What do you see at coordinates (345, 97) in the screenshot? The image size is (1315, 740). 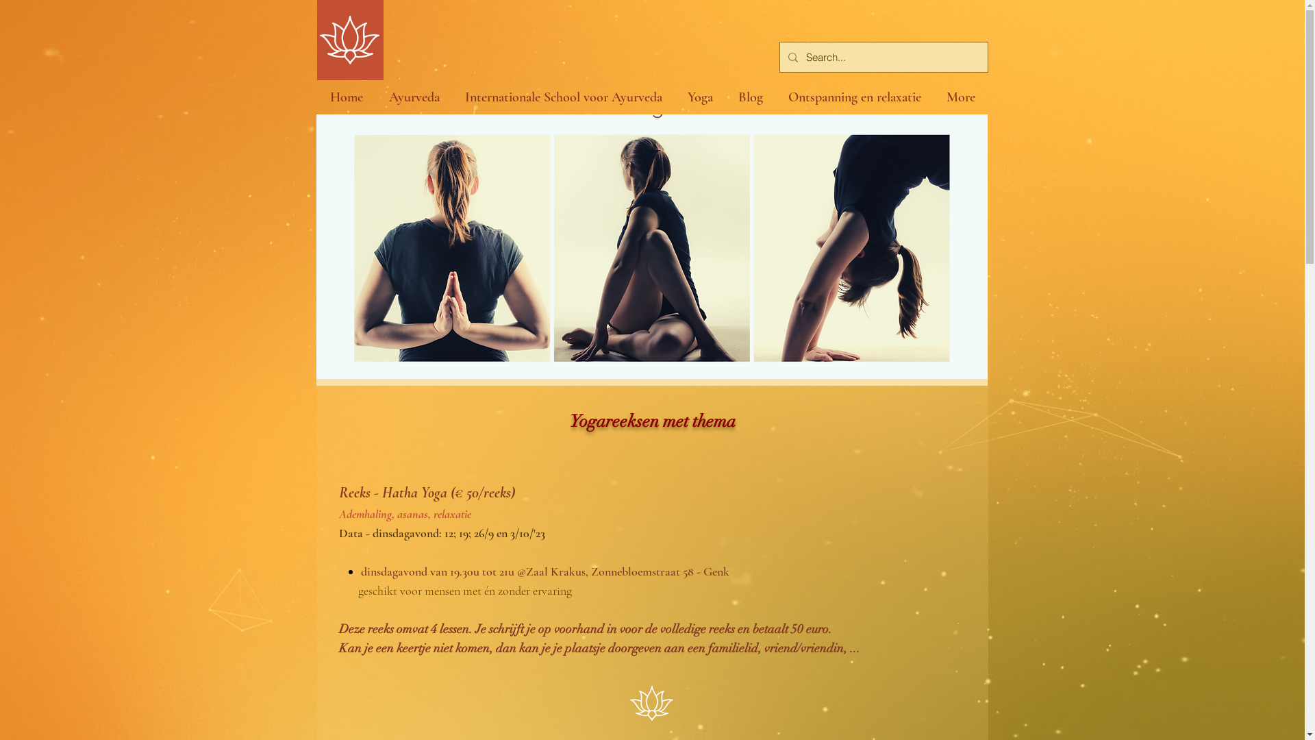 I see `'Home'` at bounding box center [345, 97].